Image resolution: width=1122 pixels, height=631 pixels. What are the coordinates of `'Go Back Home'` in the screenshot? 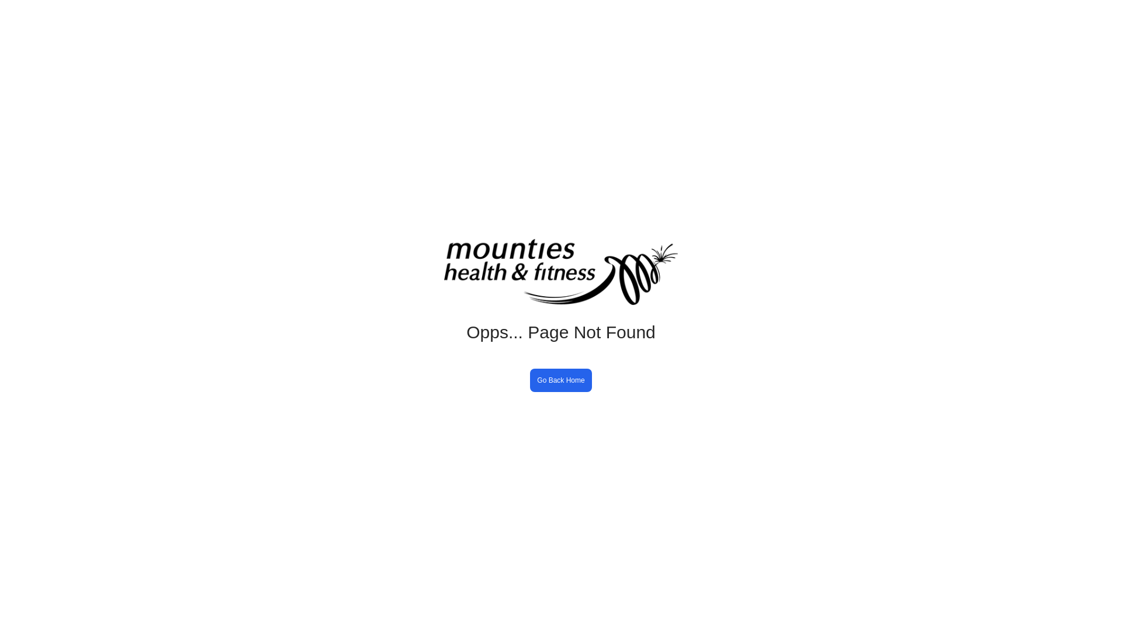 It's located at (560, 380).